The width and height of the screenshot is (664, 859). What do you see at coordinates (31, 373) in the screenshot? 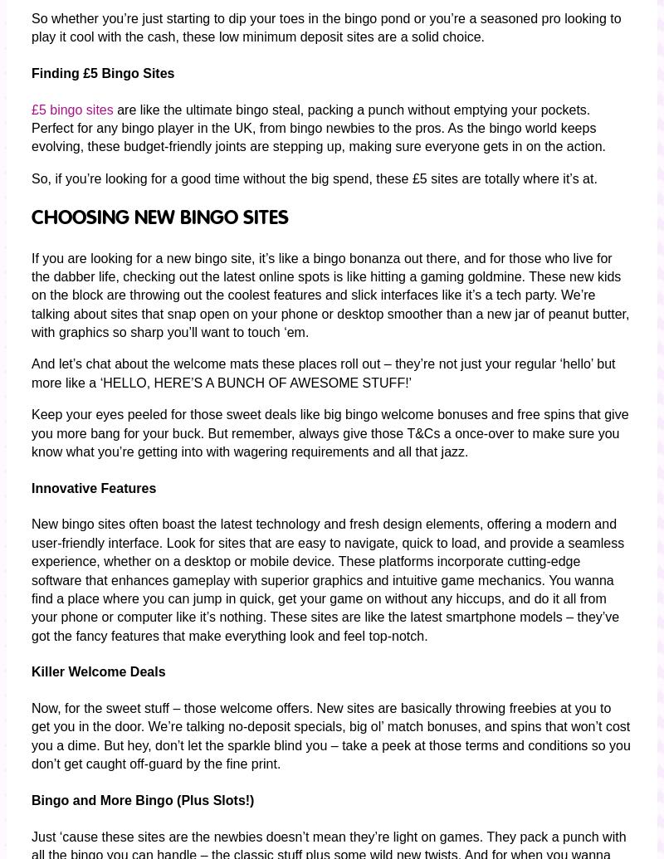
I see `'And let’s chat about the welcome mats these places roll out – they’re not just your regular ‘hello’ but more like a ‘HELLO, HERE’S A BUNCH OF AWESOME STUFF!’'` at bounding box center [31, 373].